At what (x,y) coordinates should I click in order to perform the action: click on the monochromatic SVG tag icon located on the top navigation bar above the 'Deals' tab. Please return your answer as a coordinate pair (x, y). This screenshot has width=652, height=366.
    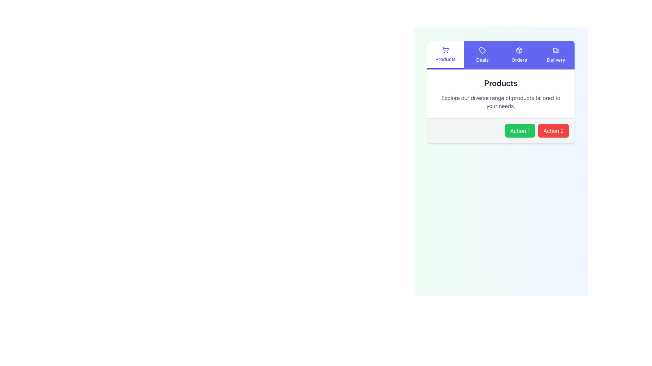
    Looking at the image, I should click on (482, 50).